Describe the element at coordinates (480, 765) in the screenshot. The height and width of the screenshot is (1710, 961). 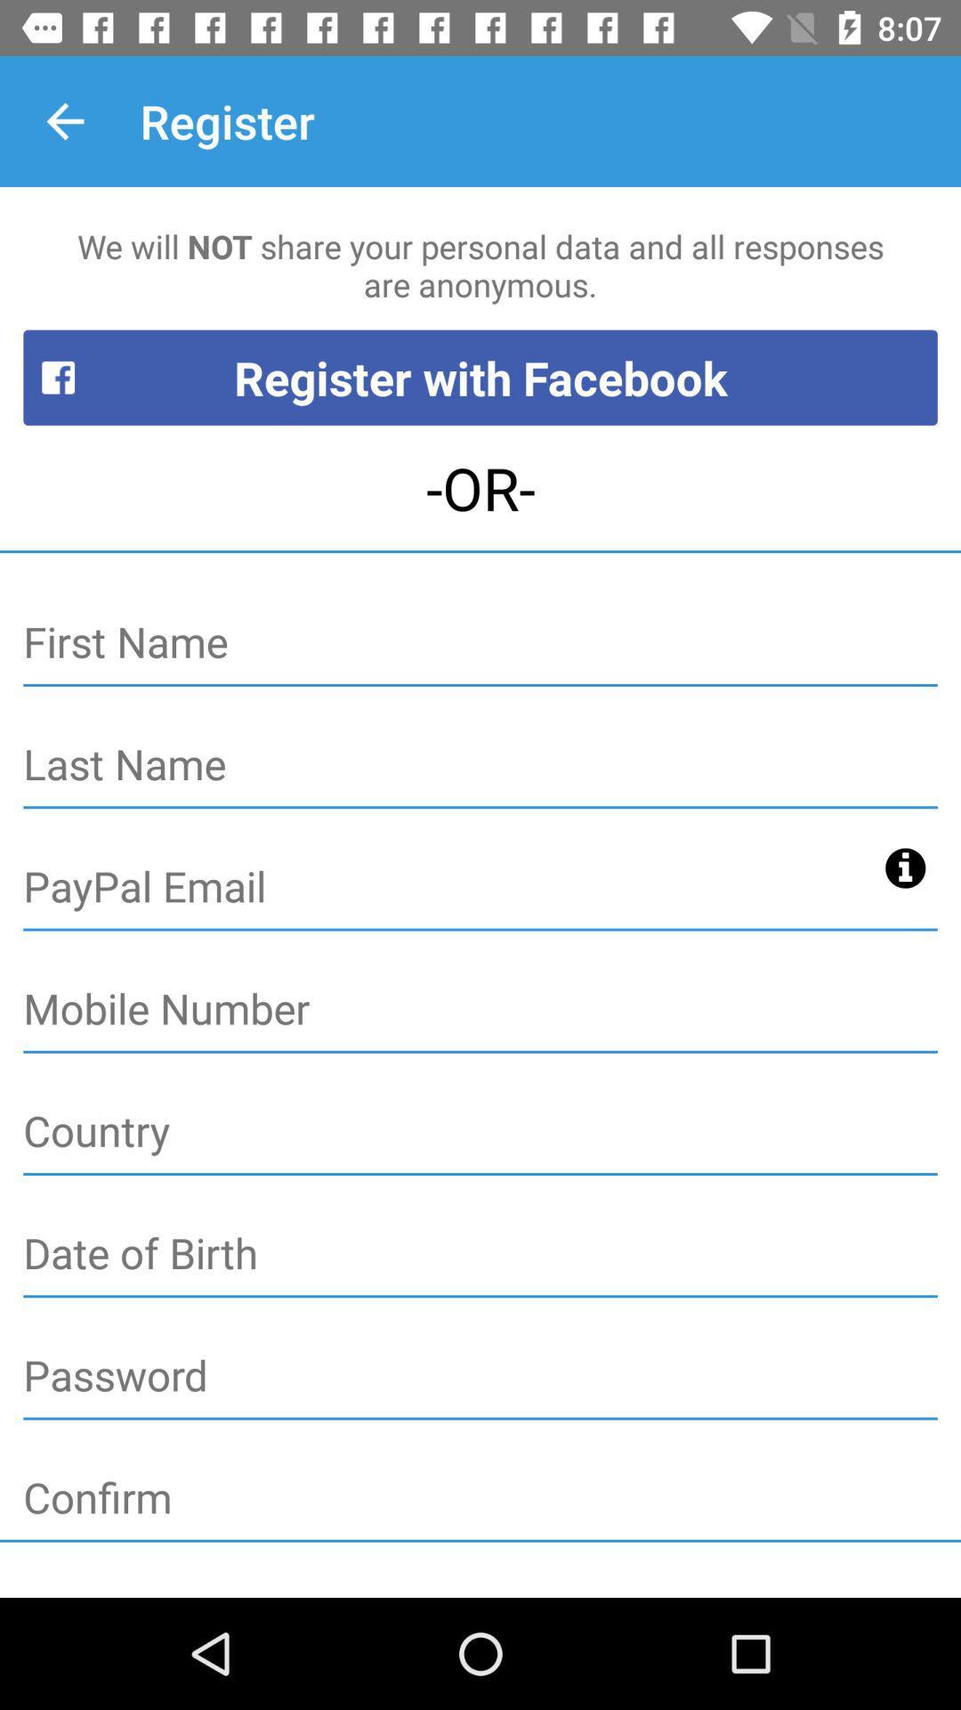
I see `enter` at that location.